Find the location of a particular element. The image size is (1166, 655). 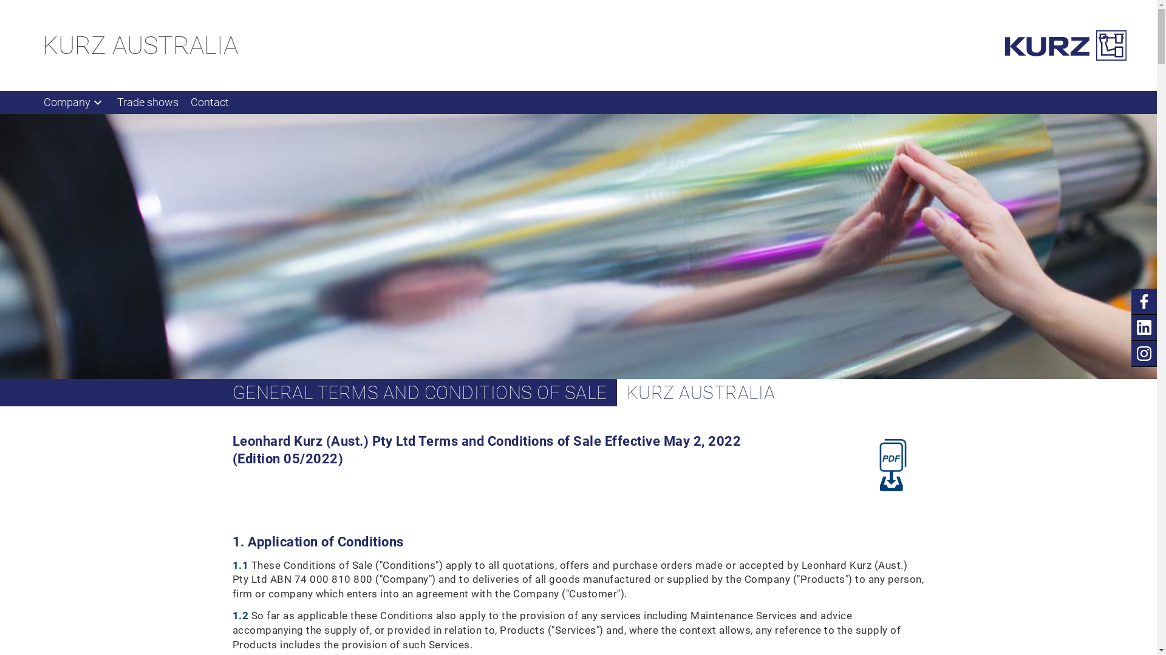

'Company' is located at coordinates (73, 102).